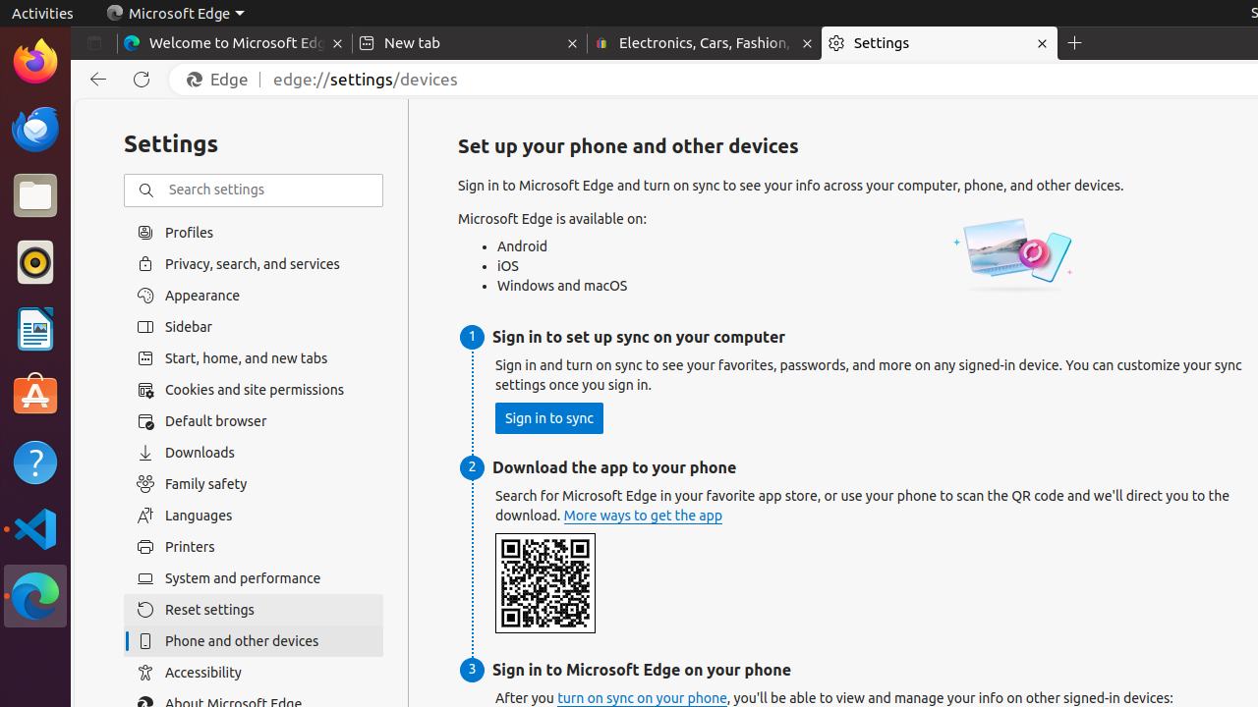  Describe the element at coordinates (253, 390) in the screenshot. I see `'Cookies and site permissions'` at that location.